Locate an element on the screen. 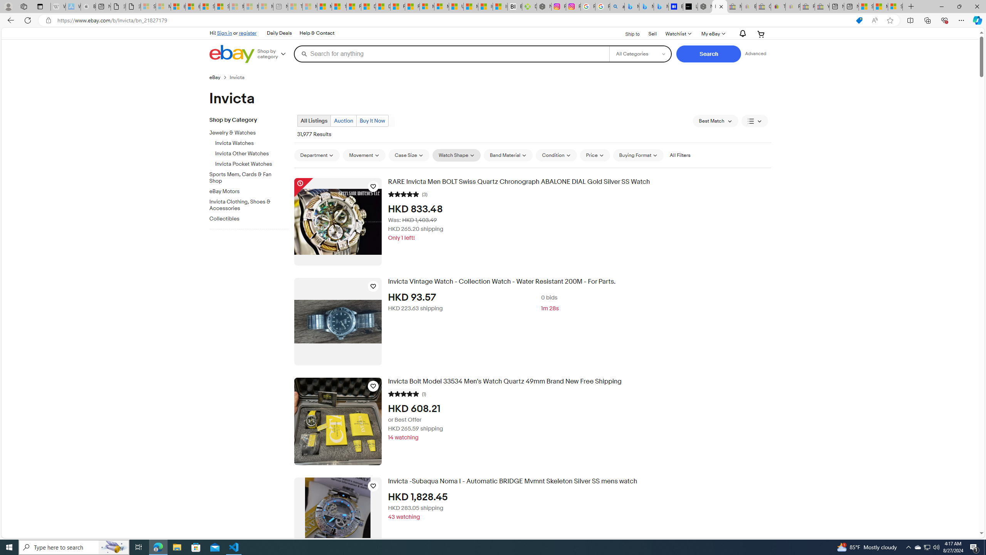 The image size is (986, 555). 'This site has coupons! Shopping in Microsoft Edge' is located at coordinates (859, 20).